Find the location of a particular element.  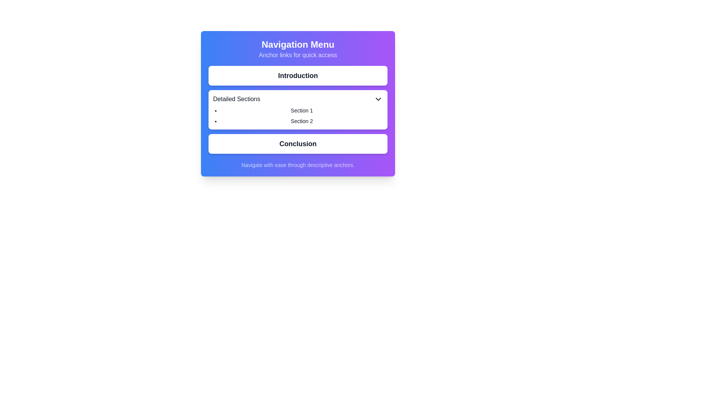

the 'Introduction' text block, which is a rectangular label with a white background and rounded corners, located above the sections titled 'Detailed Sections' and 'Conclusion' is located at coordinates (298, 76).